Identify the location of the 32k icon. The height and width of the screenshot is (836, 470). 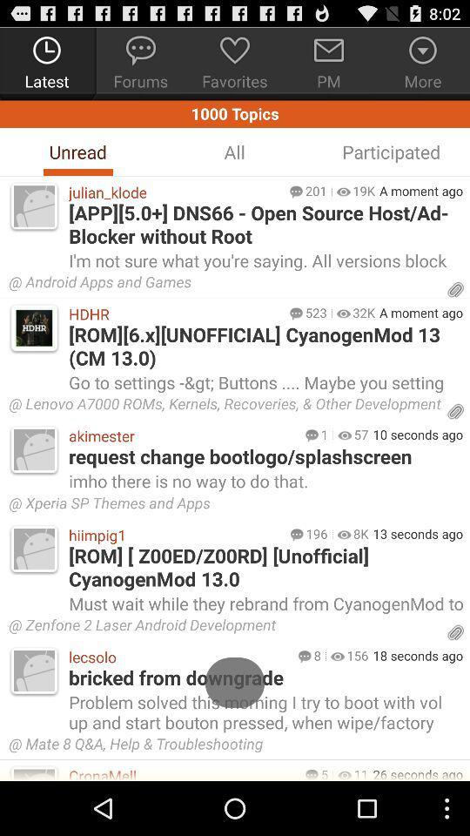
(363, 313).